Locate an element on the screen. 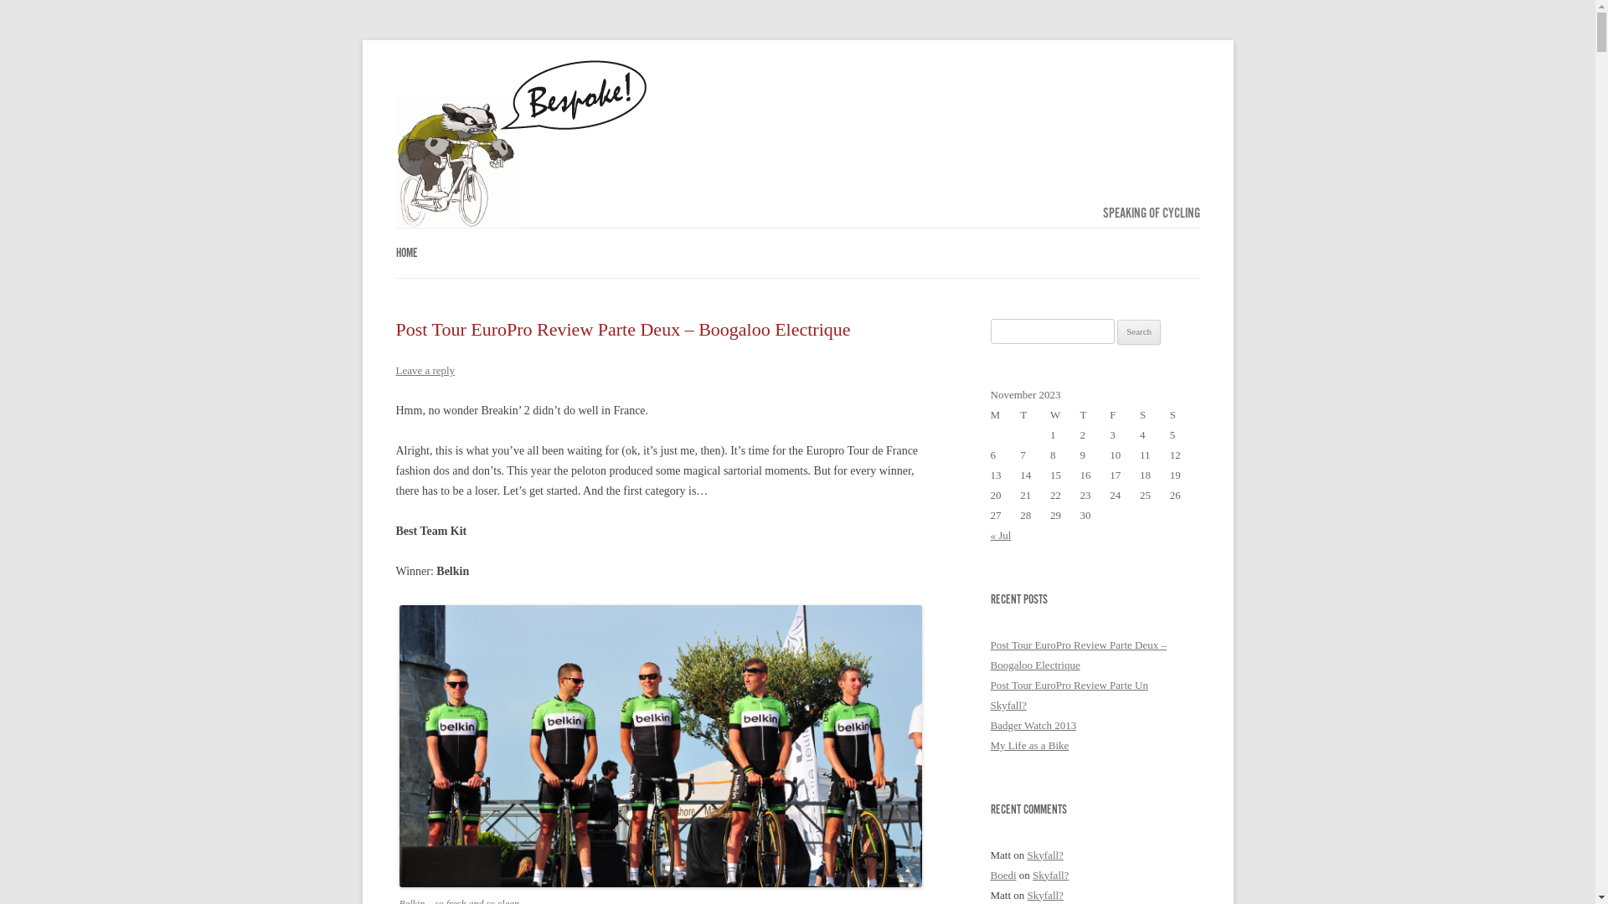 The image size is (1608, 904). 'Skip to content' is located at coordinates (832, 233).